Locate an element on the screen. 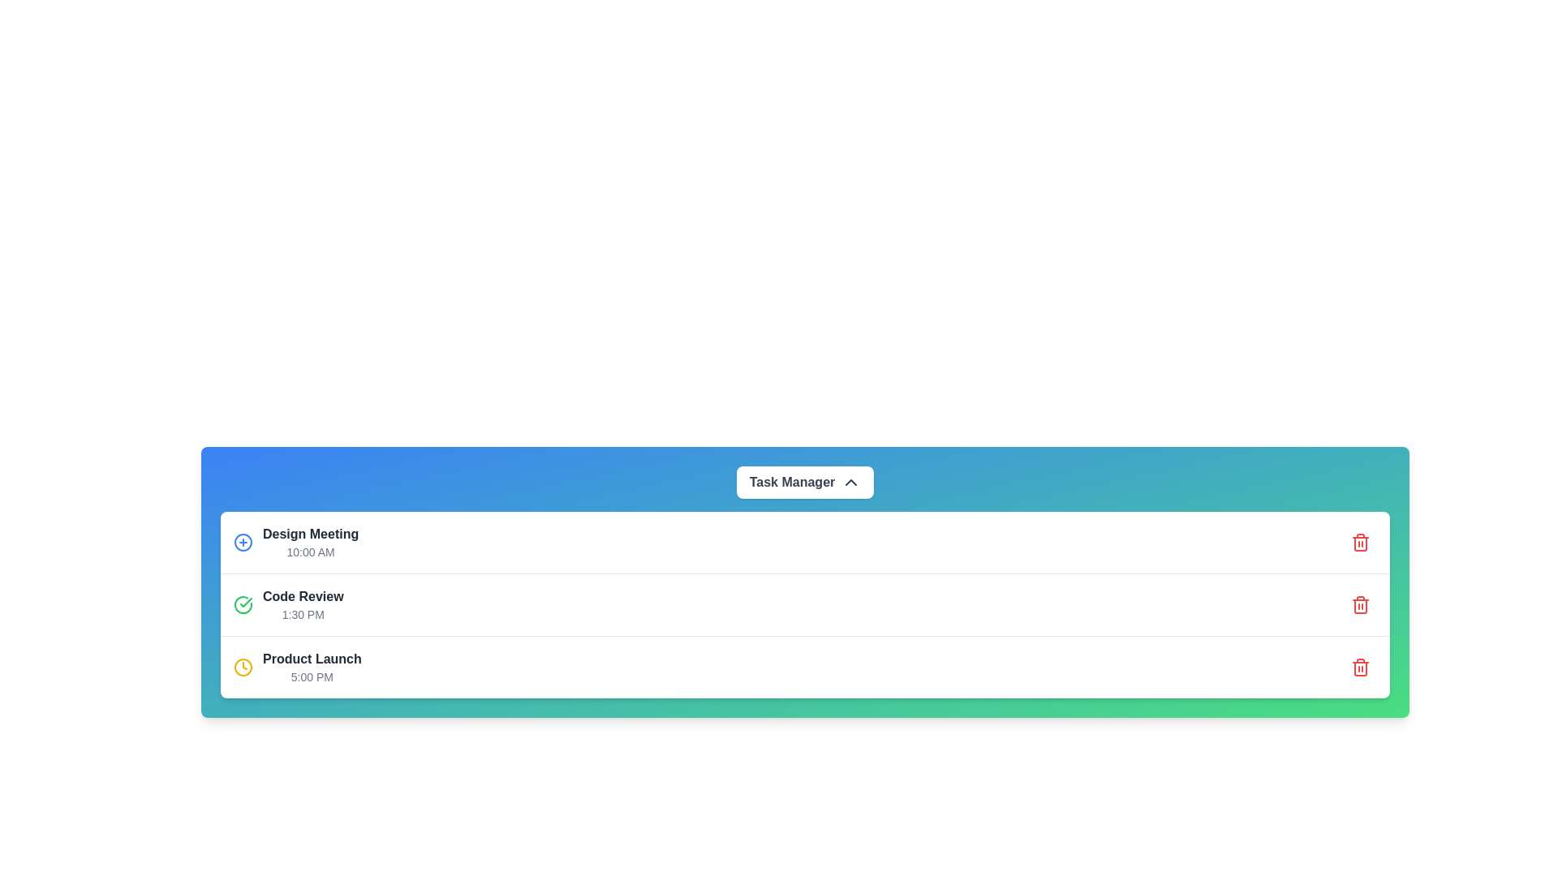 The width and height of the screenshot is (1558, 876). the toggle button for revealing or hiding options associated with 'Task Manager', located near the top of a gradient background component transitioning from blue to green is located at coordinates (805, 481).